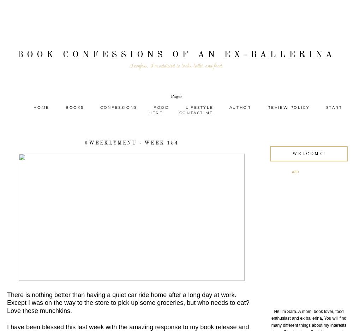 The image size is (353, 331). Describe the element at coordinates (308, 153) in the screenshot. I see `'Welcome!'` at that location.